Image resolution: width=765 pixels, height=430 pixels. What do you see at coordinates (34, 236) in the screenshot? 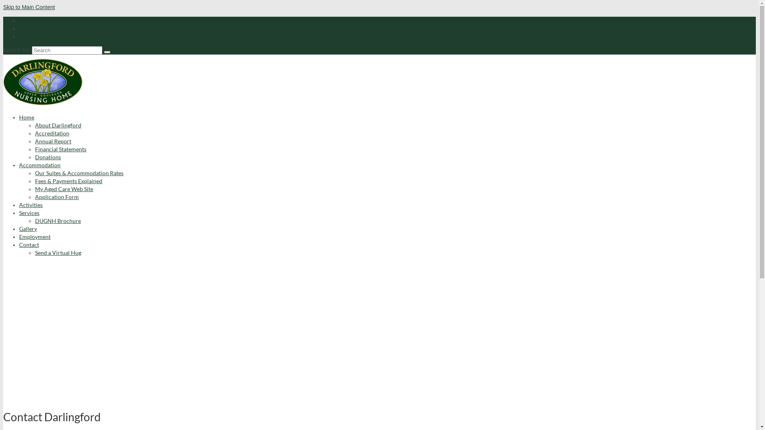
I see `'Employment'` at bounding box center [34, 236].